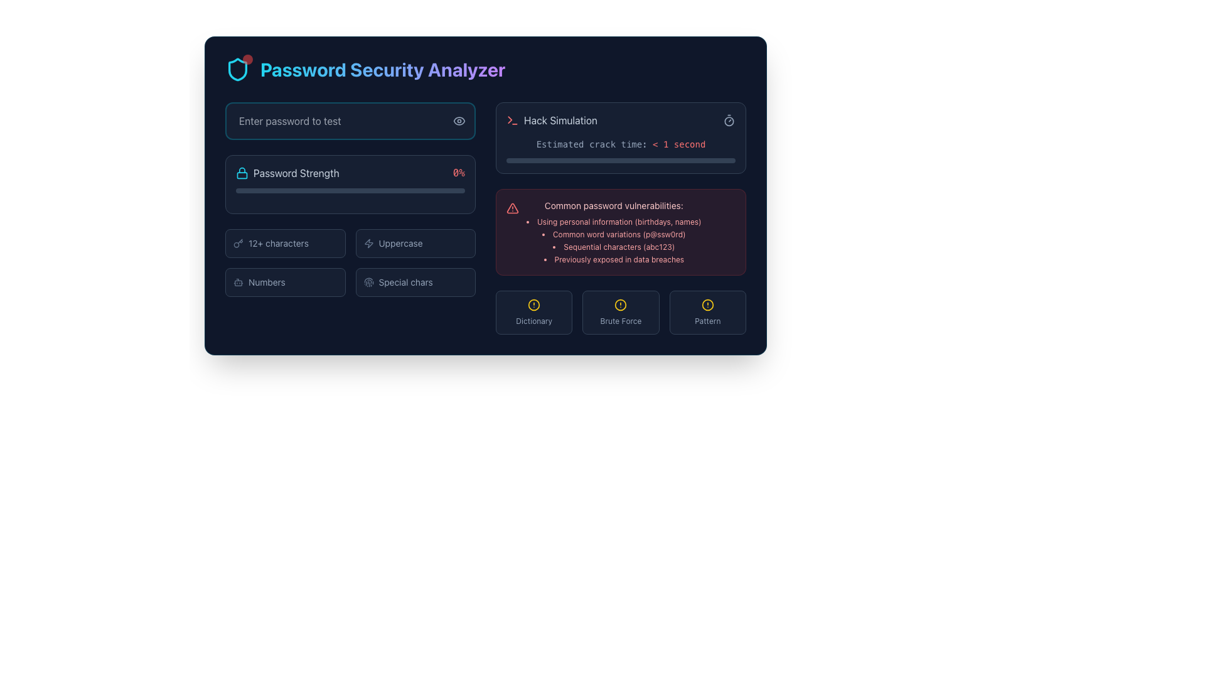 The image size is (1205, 678). What do you see at coordinates (415, 244) in the screenshot?
I see `the 'Uppercase' text indicator, which is styled in slate-gray color with a lightning bolt icon` at bounding box center [415, 244].